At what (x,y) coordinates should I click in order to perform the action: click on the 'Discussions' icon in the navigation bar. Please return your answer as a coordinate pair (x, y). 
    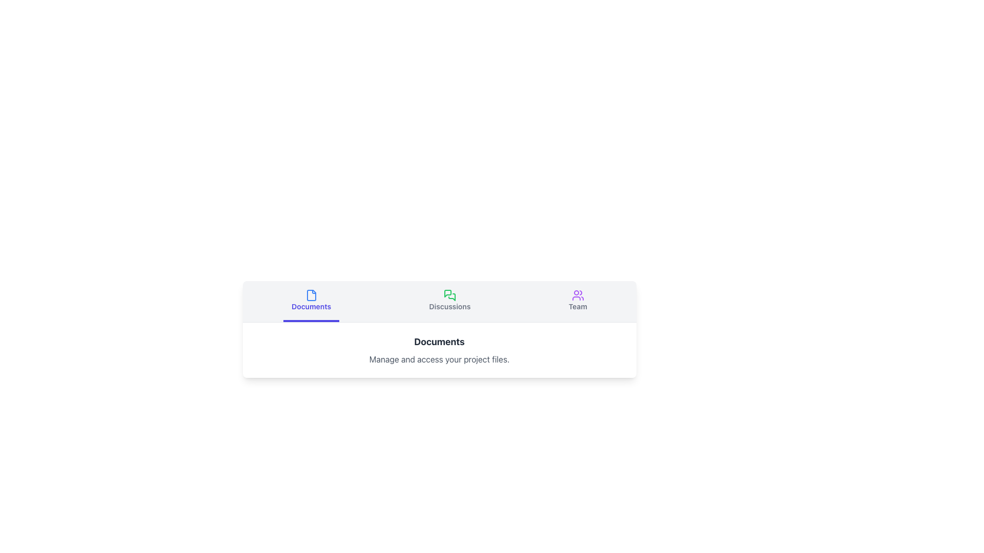
    Looking at the image, I should click on (449, 295).